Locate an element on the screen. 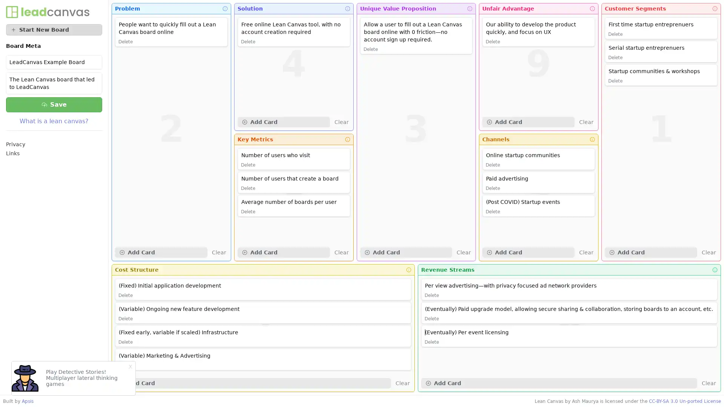 This screenshot has height=407, width=724. Delete is located at coordinates (492, 164).